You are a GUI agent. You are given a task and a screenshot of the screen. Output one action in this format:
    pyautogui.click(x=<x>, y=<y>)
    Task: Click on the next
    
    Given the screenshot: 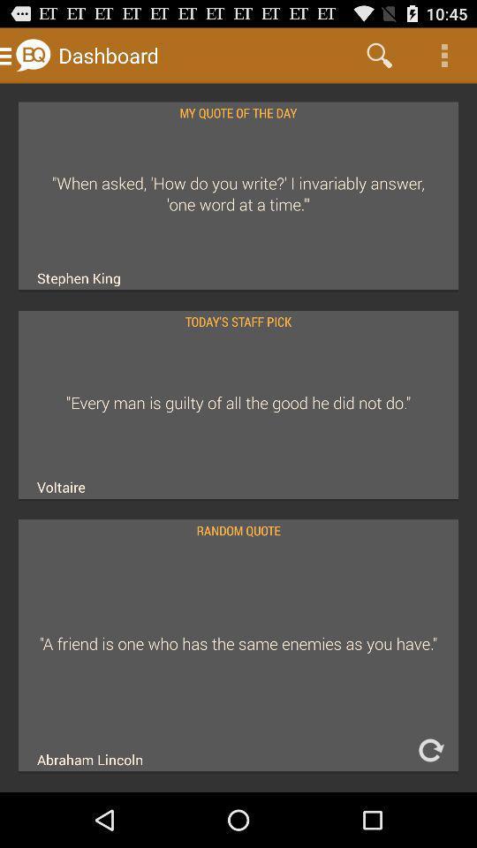 What is the action you would take?
    pyautogui.click(x=429, y=749)
    